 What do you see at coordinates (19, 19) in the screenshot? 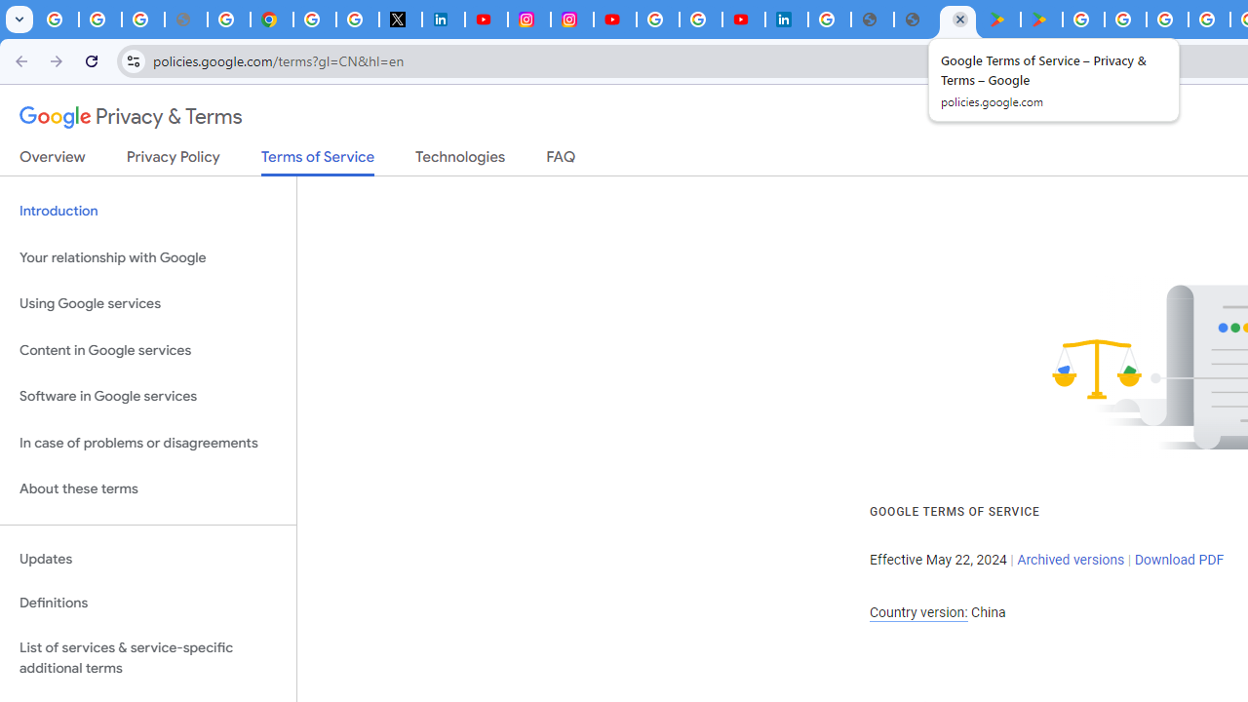
I see `'Search tabs'` at bounding box center [19, 19].